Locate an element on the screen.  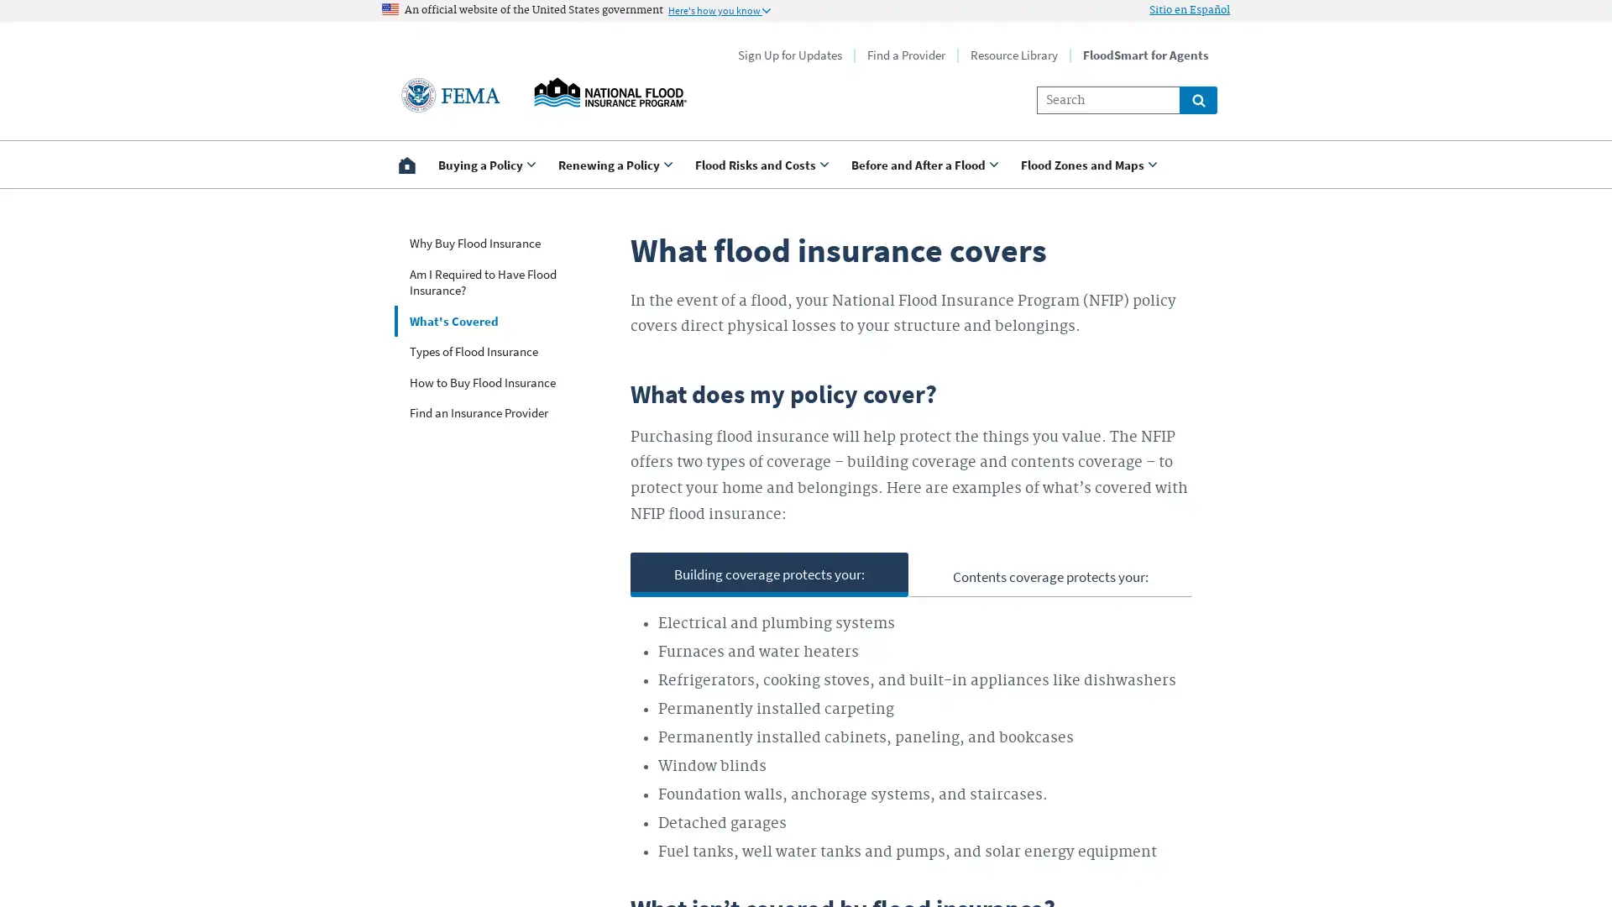
Information to identify secure official US Government websites is located at coordinates (720, 9).